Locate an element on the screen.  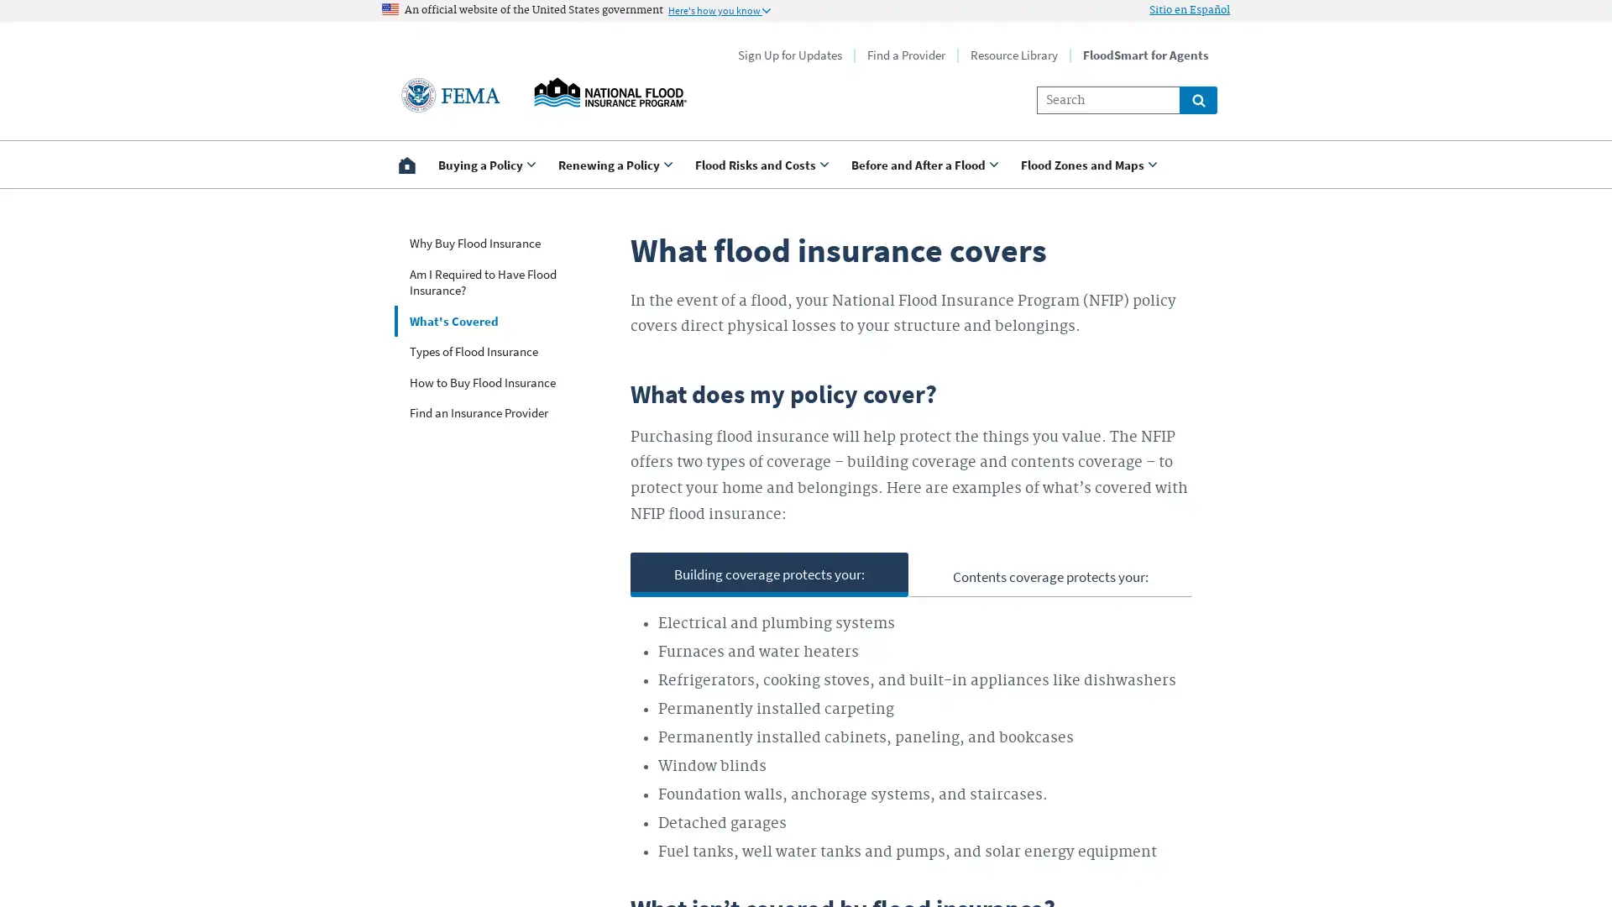
Information to identify secure official US Government websites is located at coordinates (720, 9).